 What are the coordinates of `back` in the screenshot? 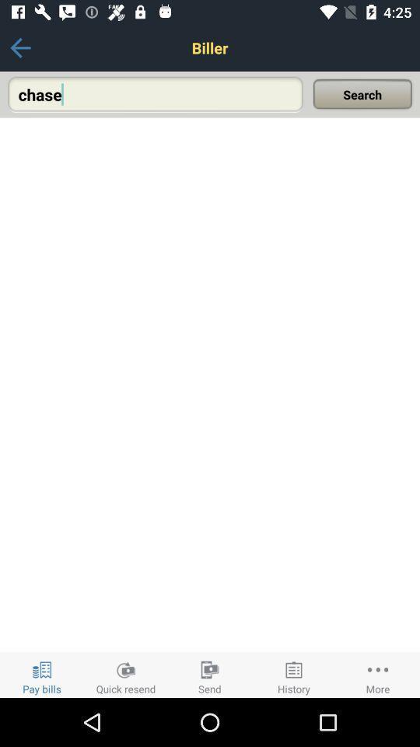 It's located at (19, 47).